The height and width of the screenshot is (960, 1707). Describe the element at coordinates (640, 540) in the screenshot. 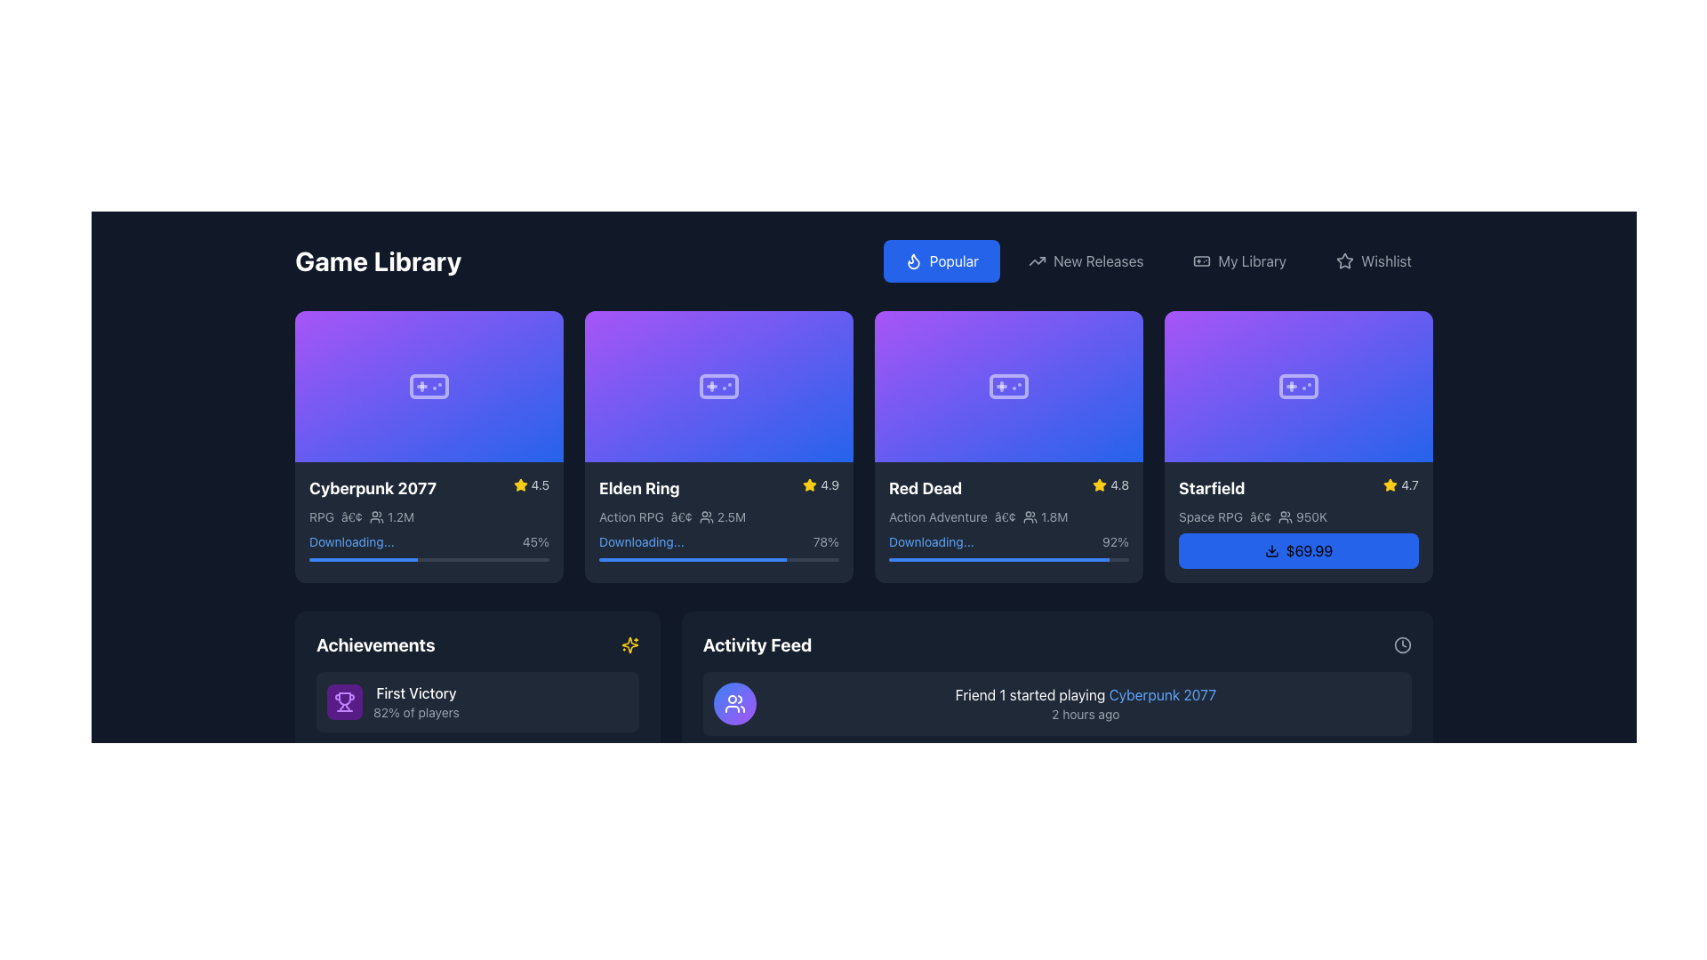

I see `the text label indicating that the game 'Elden Ring' is currently downloading, which is located in the card for the game, below the metadata section and above the progress bar` at that location.